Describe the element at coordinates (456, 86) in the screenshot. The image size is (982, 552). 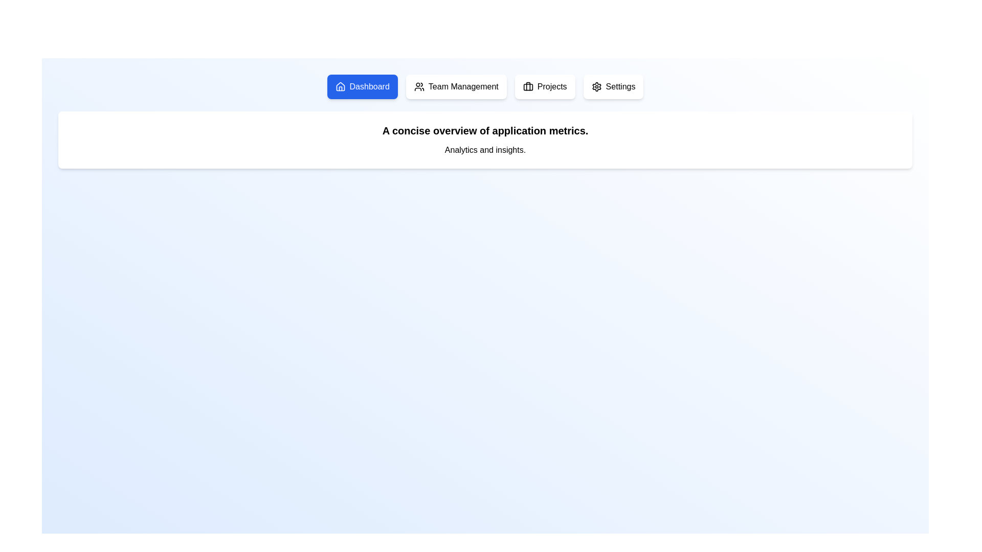
I see `the 'Team Management' button, which is the second button from the left in the row of four buttons at the upper portion of the page` at that location.